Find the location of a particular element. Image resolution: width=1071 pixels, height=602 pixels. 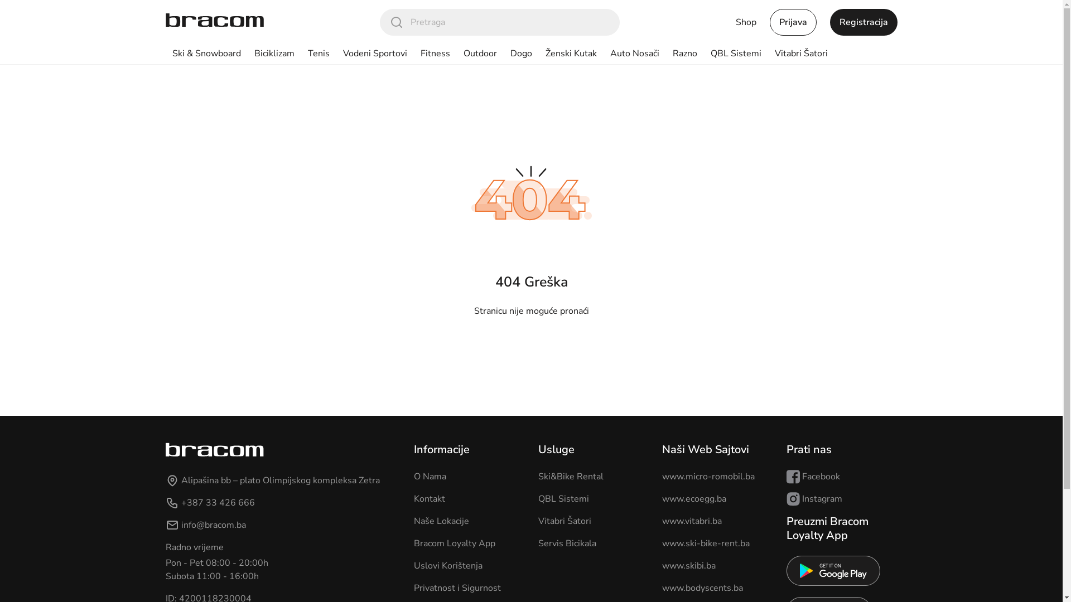

'Kontakt' is located at coordinates (428, 498).